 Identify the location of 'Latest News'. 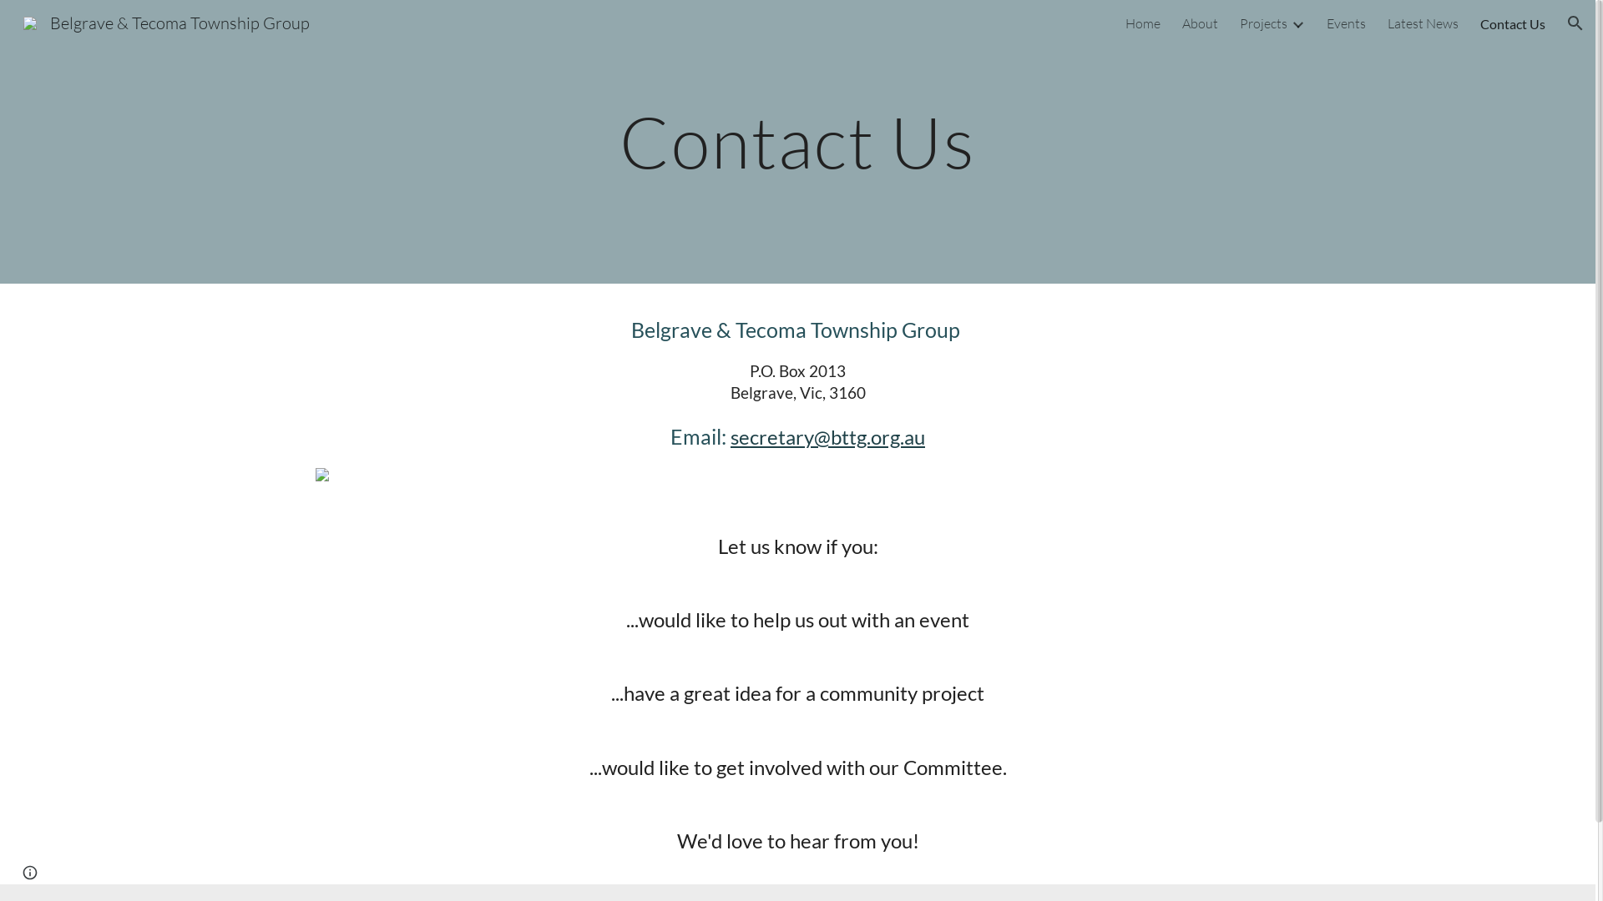
(1387, 23).